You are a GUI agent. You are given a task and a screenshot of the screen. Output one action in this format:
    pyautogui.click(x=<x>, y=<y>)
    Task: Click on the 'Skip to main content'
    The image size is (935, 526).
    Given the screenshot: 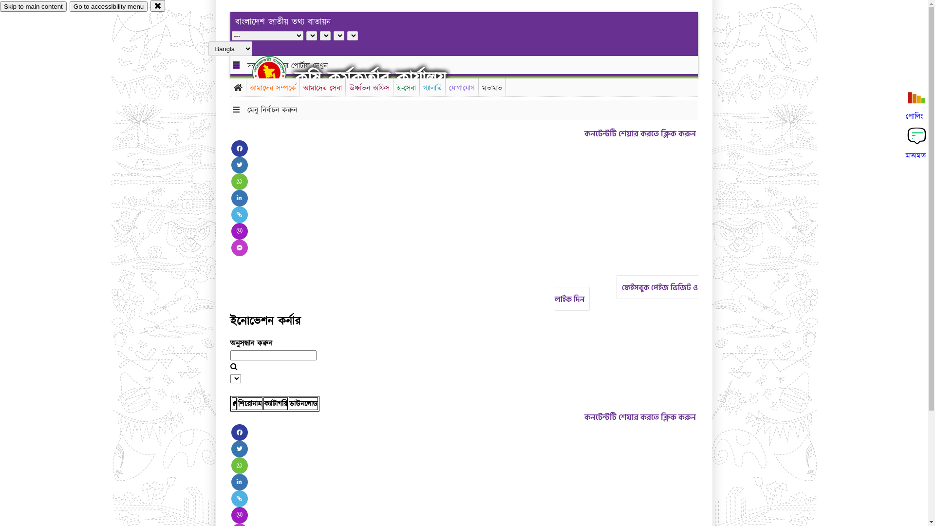 What is the action you would take?
    pyautogui.click(x=33, y=6)
    